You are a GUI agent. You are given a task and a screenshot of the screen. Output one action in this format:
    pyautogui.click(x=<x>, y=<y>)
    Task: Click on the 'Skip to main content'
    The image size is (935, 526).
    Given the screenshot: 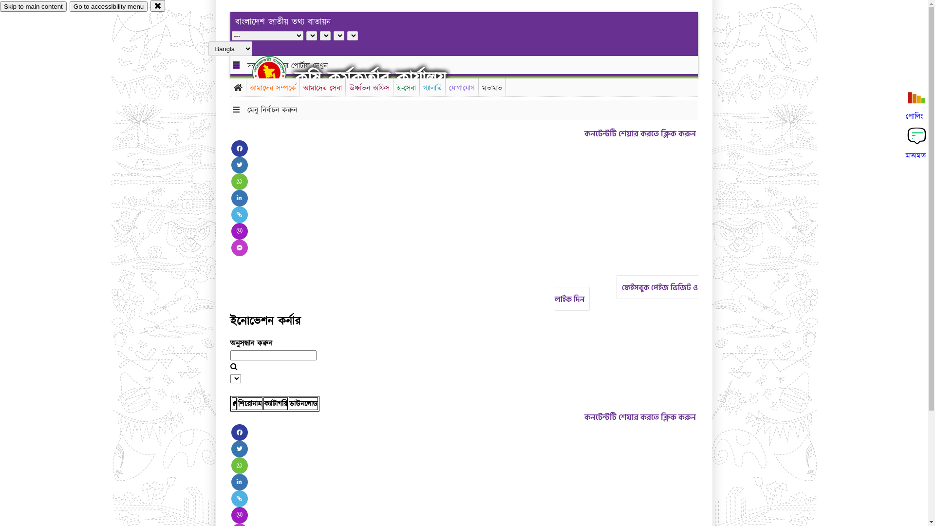 What is the action you would take?
    pyautogui.click(x=33, y=6)
    